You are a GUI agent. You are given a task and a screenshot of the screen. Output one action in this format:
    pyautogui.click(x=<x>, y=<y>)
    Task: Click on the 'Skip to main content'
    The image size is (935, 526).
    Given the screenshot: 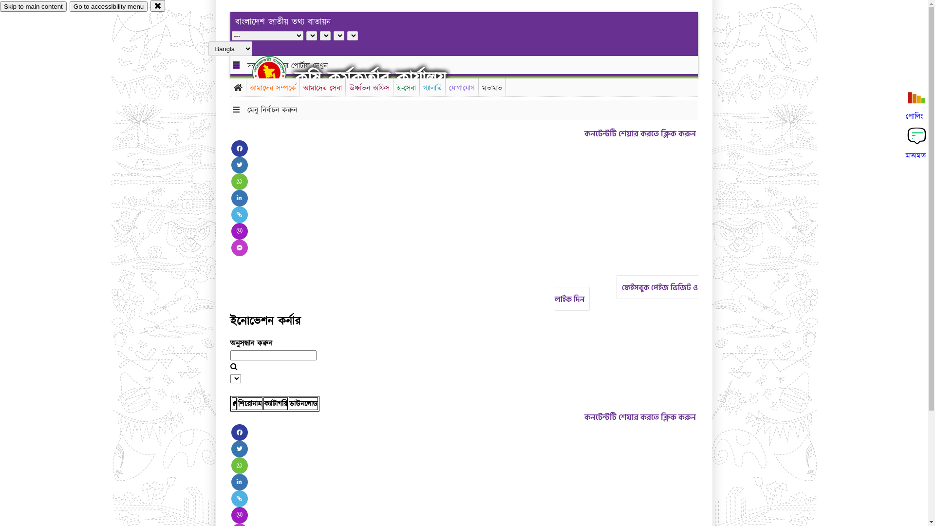 What is the action you would take?
    pyautogui.click(x=33, y=6)
    